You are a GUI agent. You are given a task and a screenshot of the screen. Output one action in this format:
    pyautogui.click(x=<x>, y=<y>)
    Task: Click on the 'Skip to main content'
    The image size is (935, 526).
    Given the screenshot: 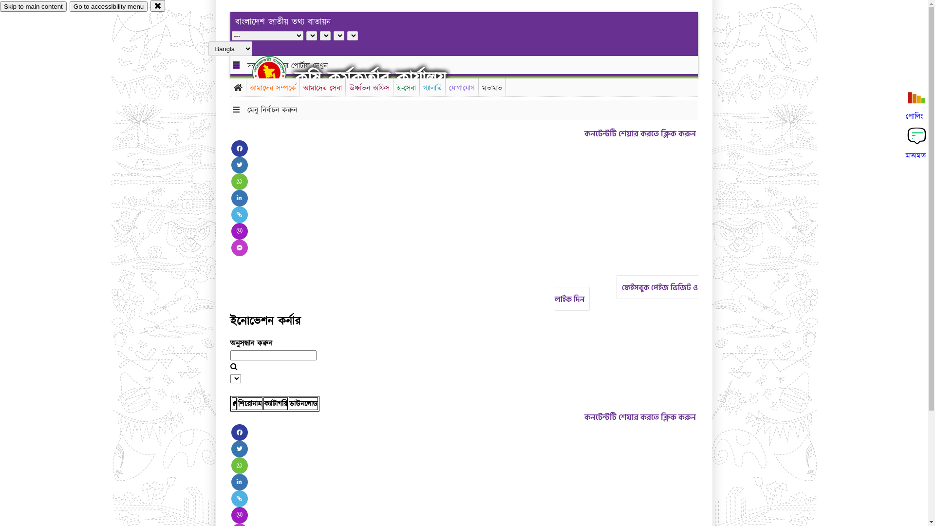 What is the action you would take?
    pyautogui.click(x=33, y=6)
    